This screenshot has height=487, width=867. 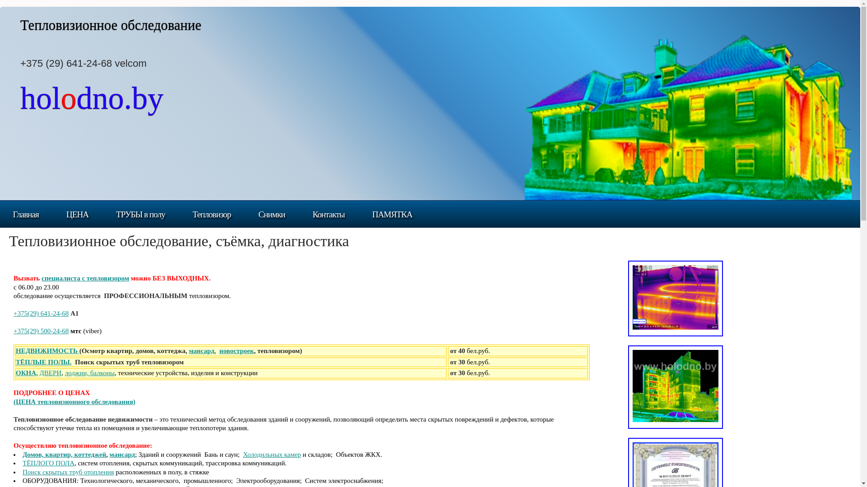 What do you see at coordinates (13, 312) in the screenshot?
I see `'+375(29) 641-24-68'` at bounding box center [13, 312].